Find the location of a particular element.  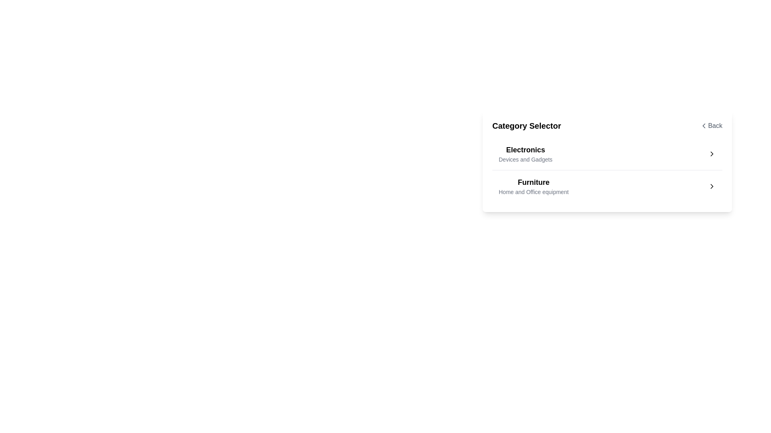

the back navigation icon located to the left of the 'Back' text in the top-right corner of the modal component is located at coordinates (704, 125).